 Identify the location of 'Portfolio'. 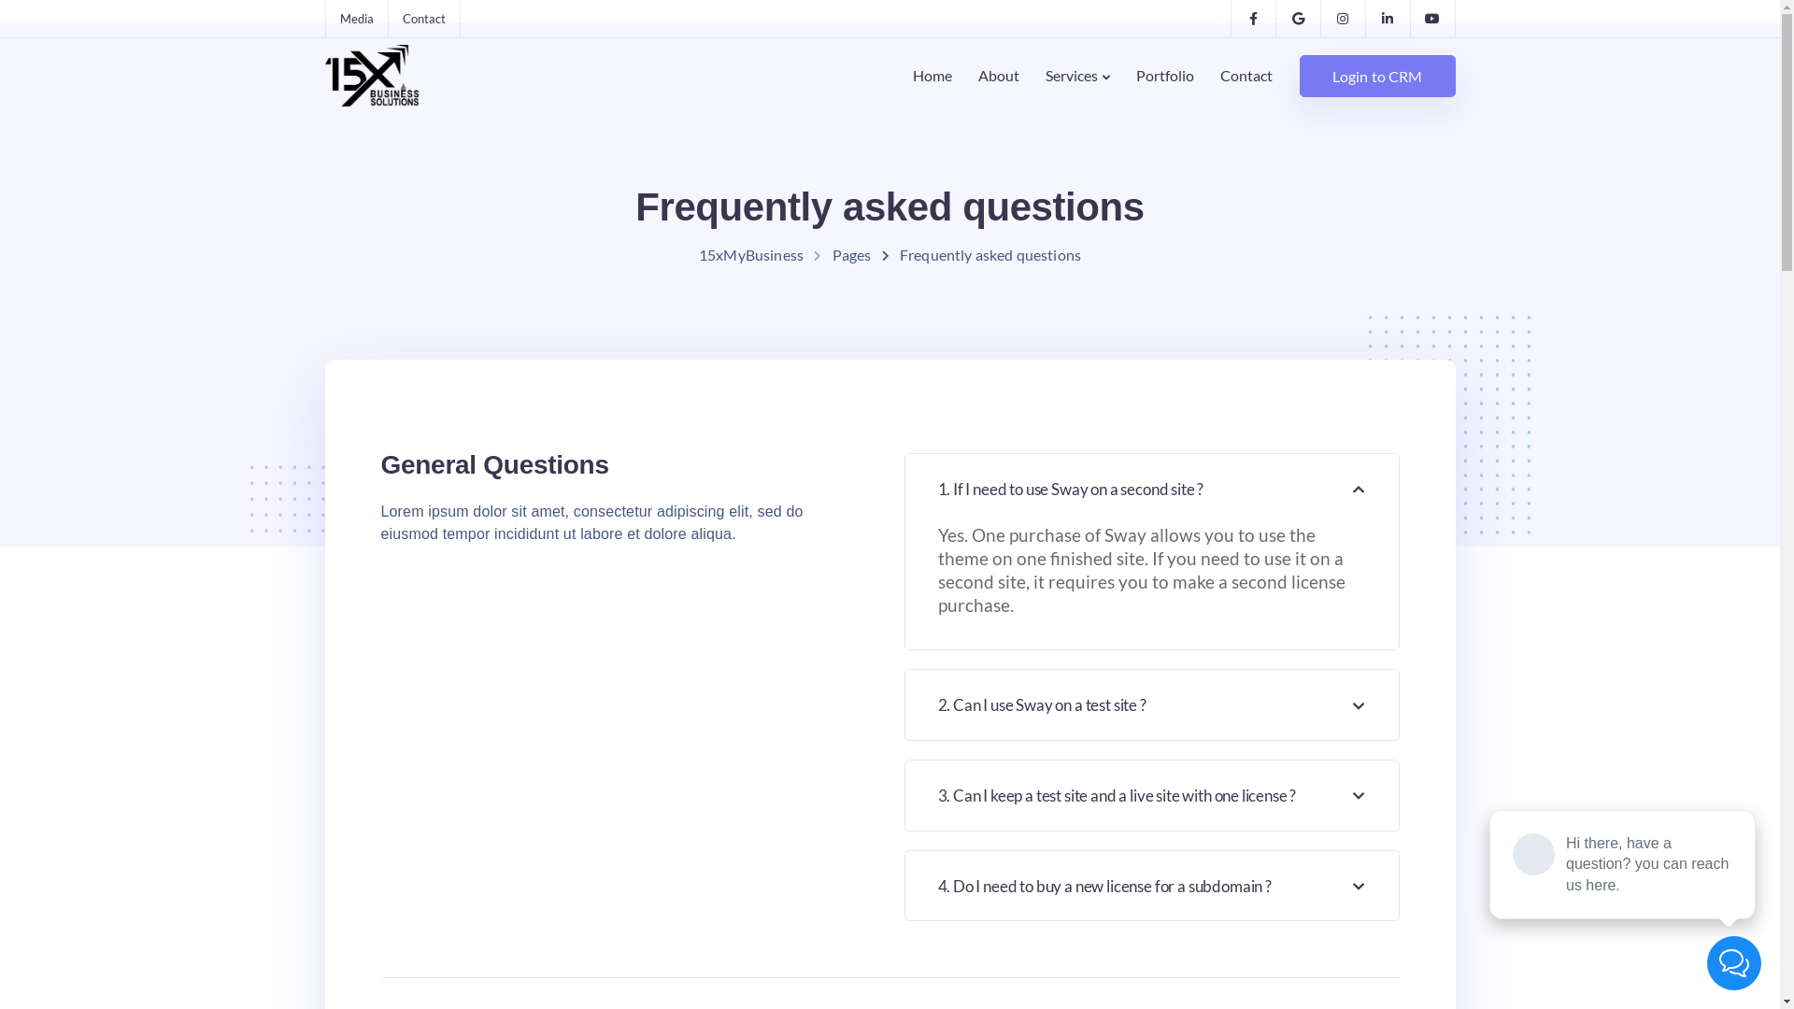
(1164, 75).